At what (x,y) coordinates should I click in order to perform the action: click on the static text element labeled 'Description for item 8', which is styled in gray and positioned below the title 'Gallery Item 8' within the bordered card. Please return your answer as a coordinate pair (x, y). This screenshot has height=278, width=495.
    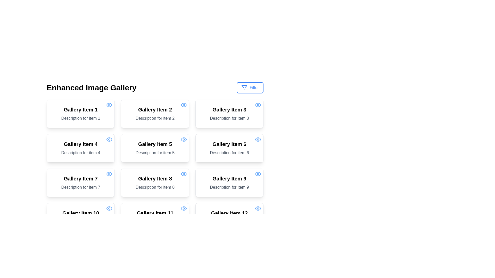
    Looking at the image, I should click on (155, 187).